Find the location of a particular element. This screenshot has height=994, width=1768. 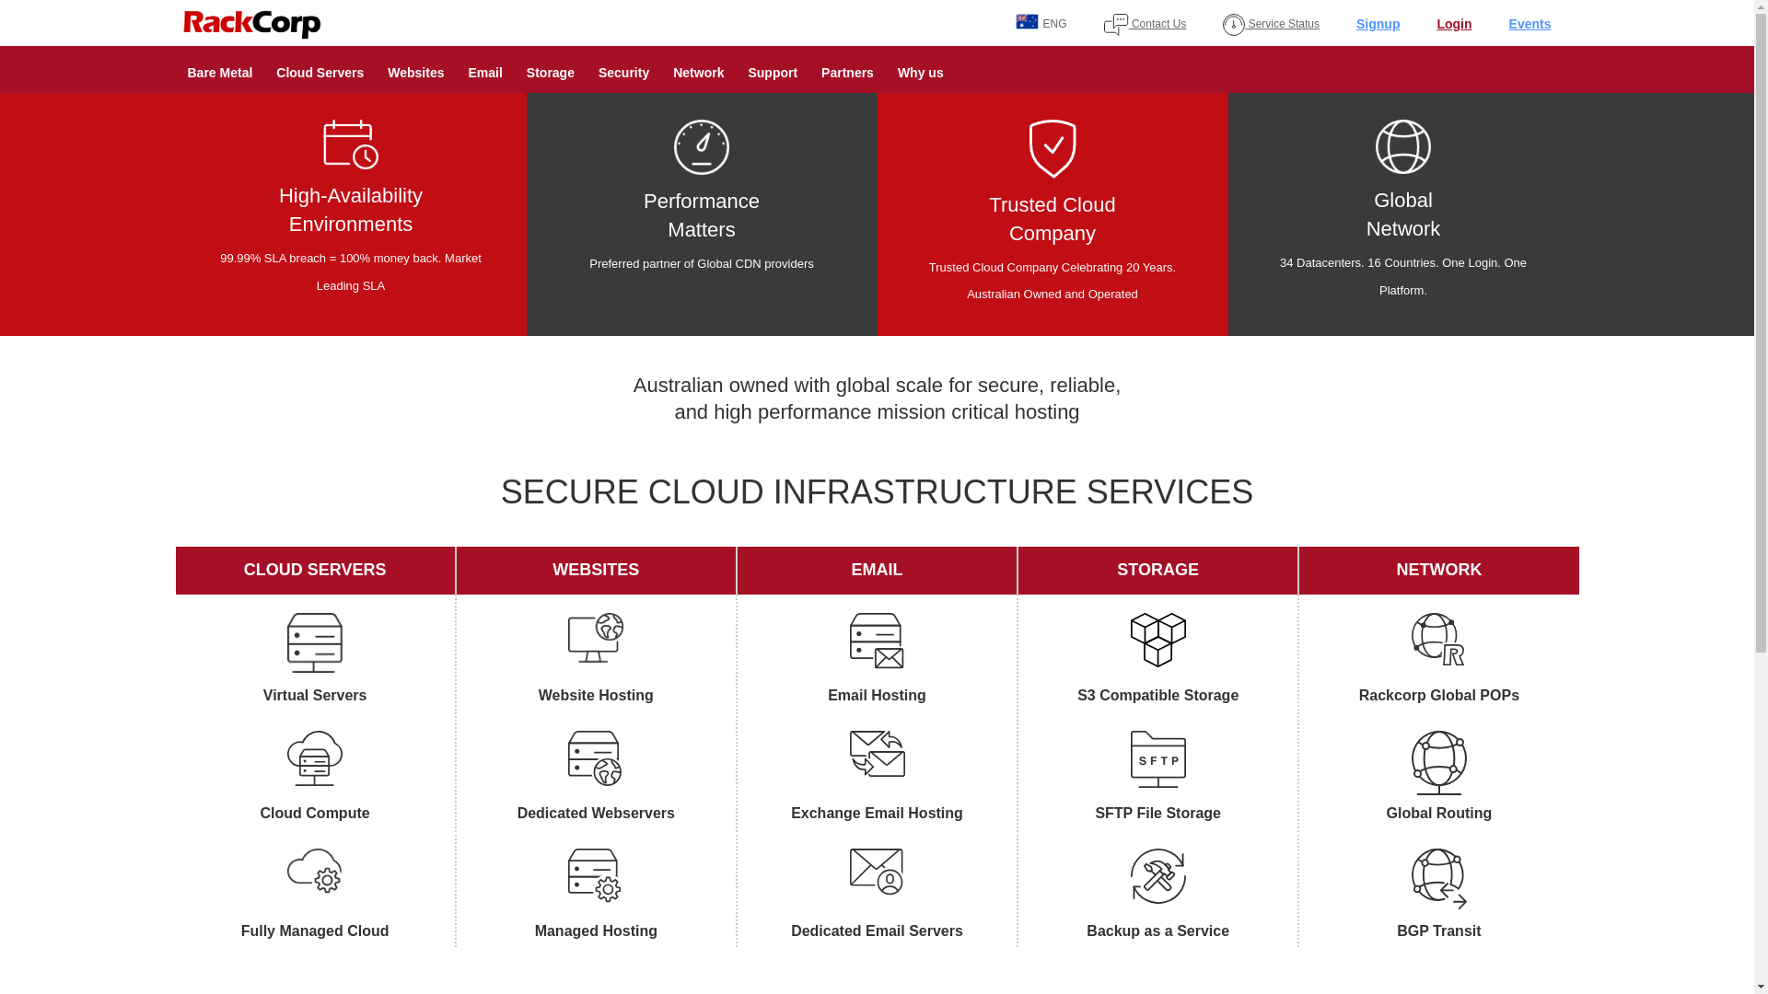

'Dedicated Webservers' is located at coordinates (596, 776).